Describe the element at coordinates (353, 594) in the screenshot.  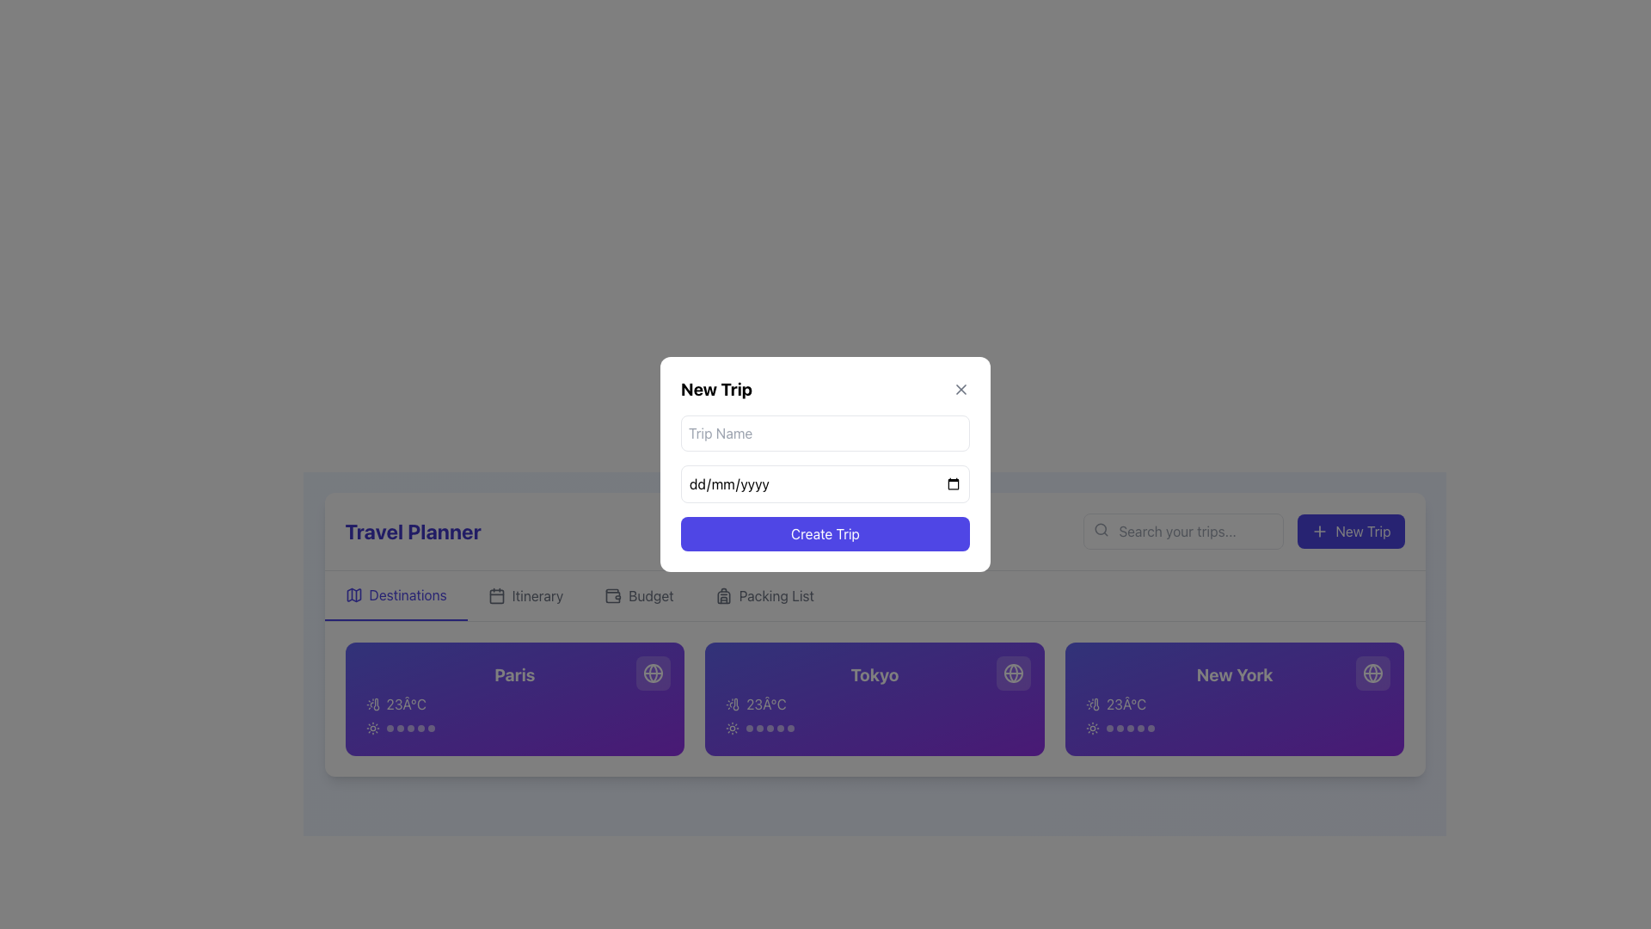
I see `the stylized map symbol icon located in the top-left corner of the 'Travel Planner' section` at that location.